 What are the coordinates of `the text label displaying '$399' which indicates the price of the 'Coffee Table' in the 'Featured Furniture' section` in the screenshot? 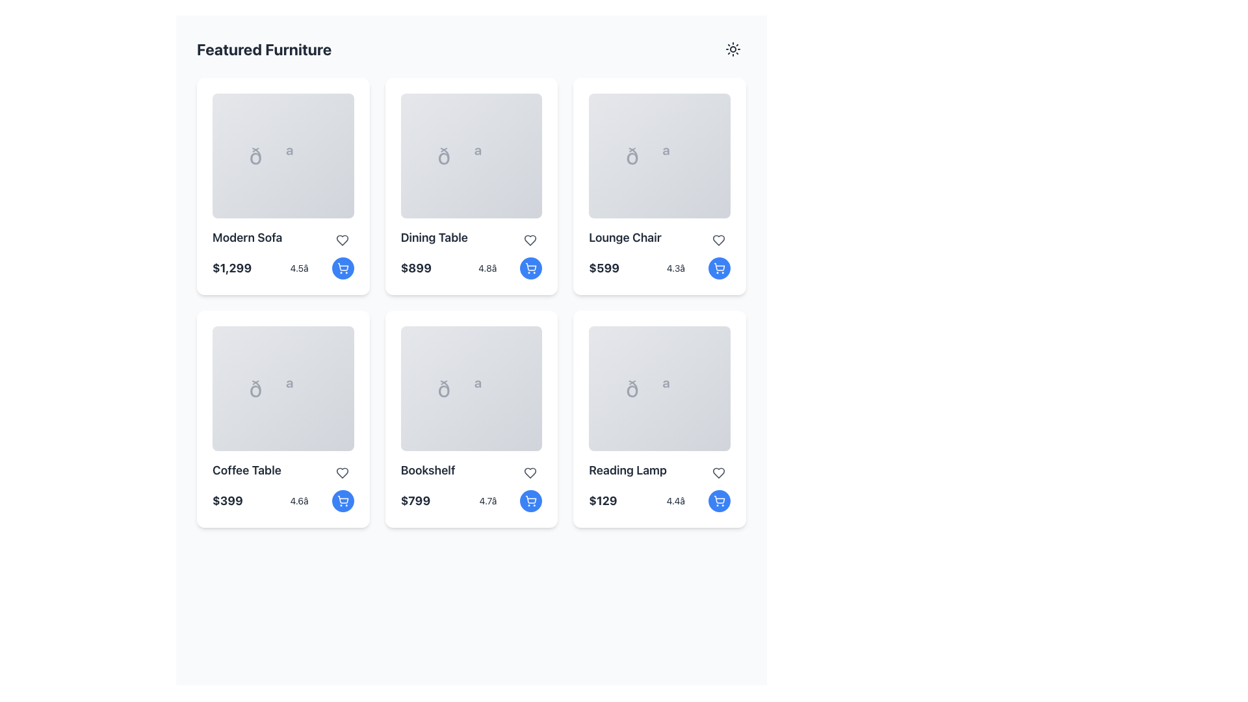 It's located at (227, 500).